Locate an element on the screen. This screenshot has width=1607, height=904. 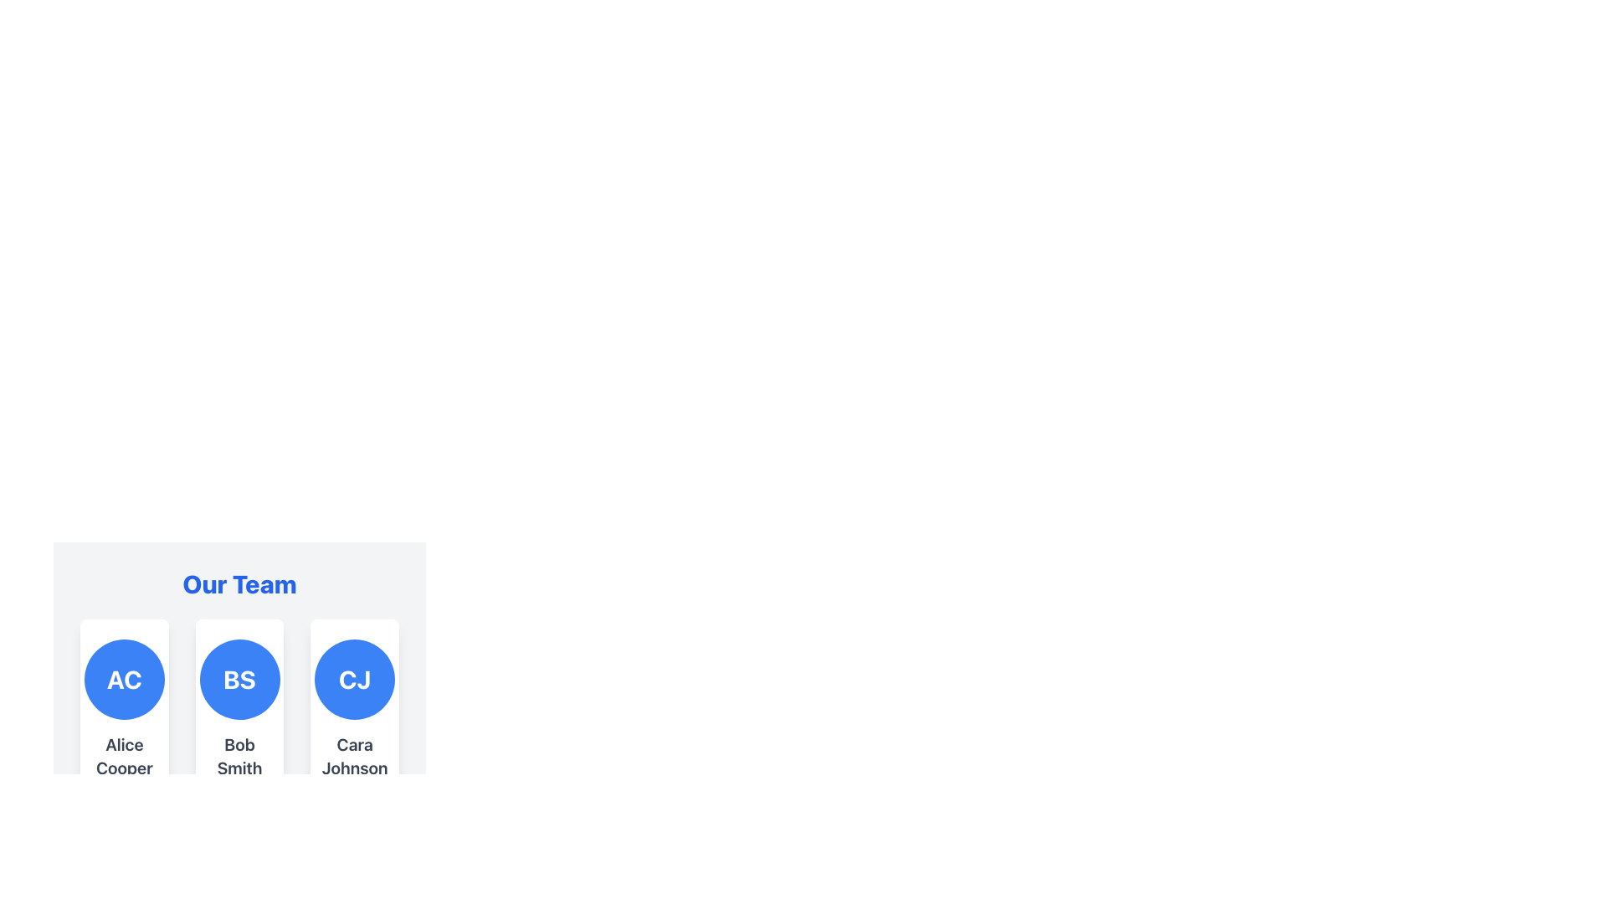
text block containing the name 'Cara Johnson', which is styled in bold and large font, located in the bottom-right section of the cards under the heading 'Our Team' is located at coordinates (354, 756).